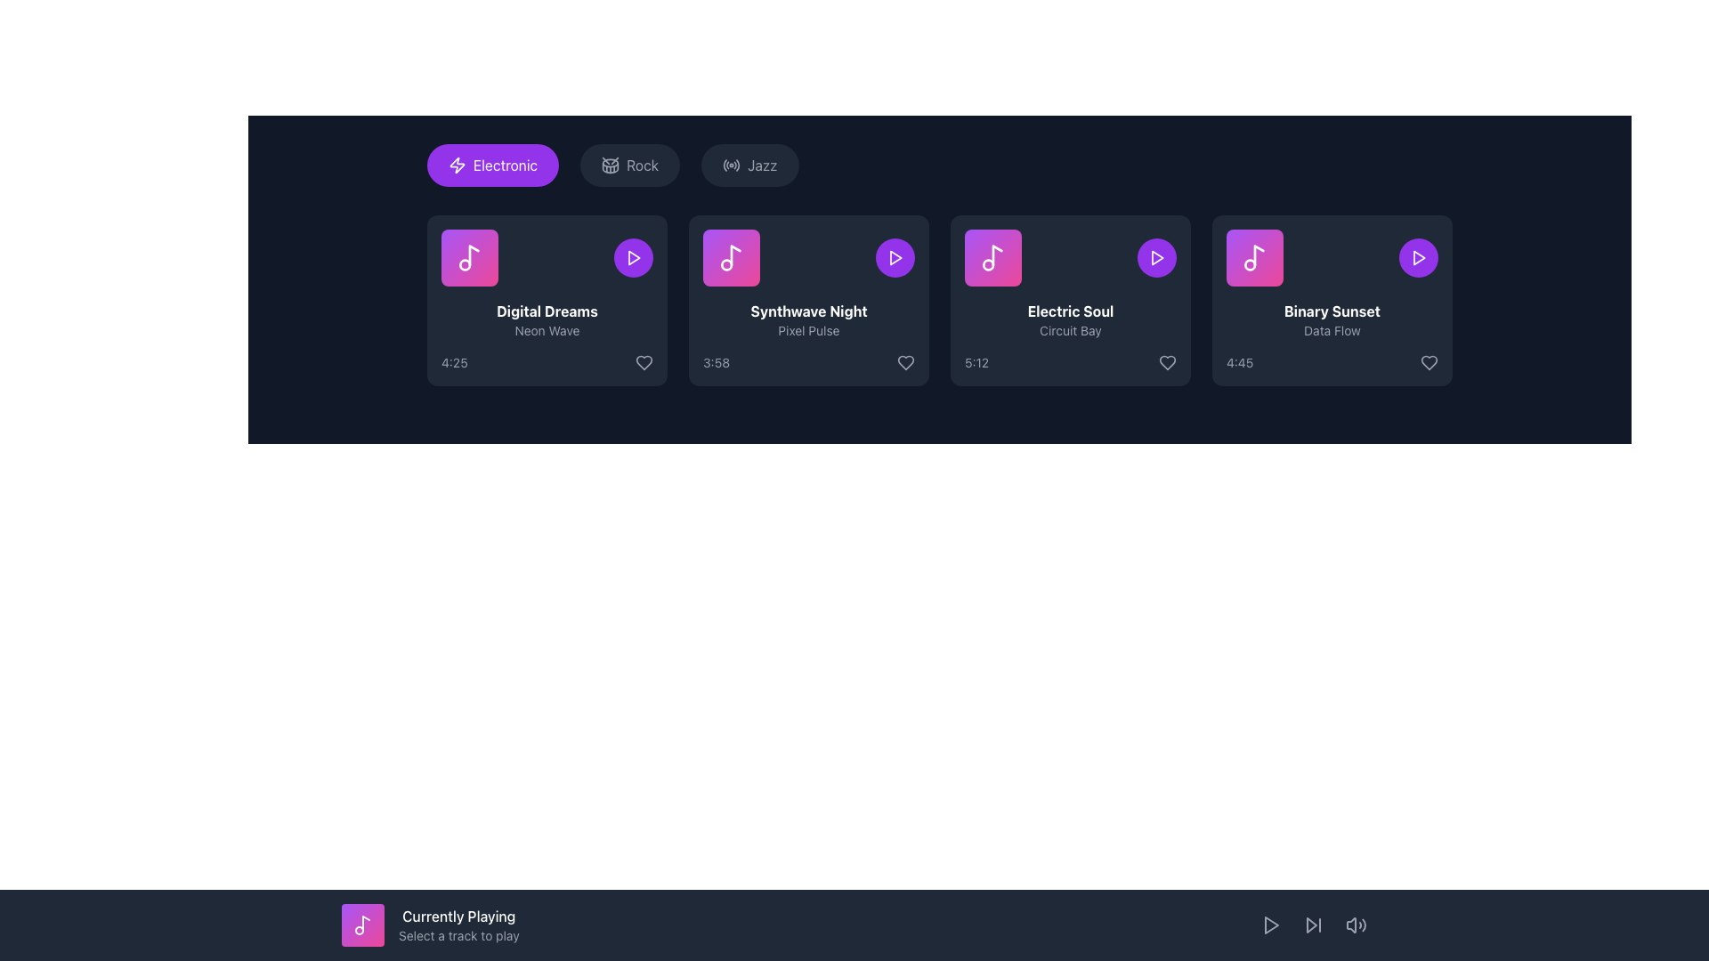  What do you see at coordinates (611, 165) in the screenshot?
I see `the drum icon located to the left of the 'Rock' button, which features a circular shape with crossing drumsticks inside, styled in gray against a darker background` at bounding box center [611, 165].